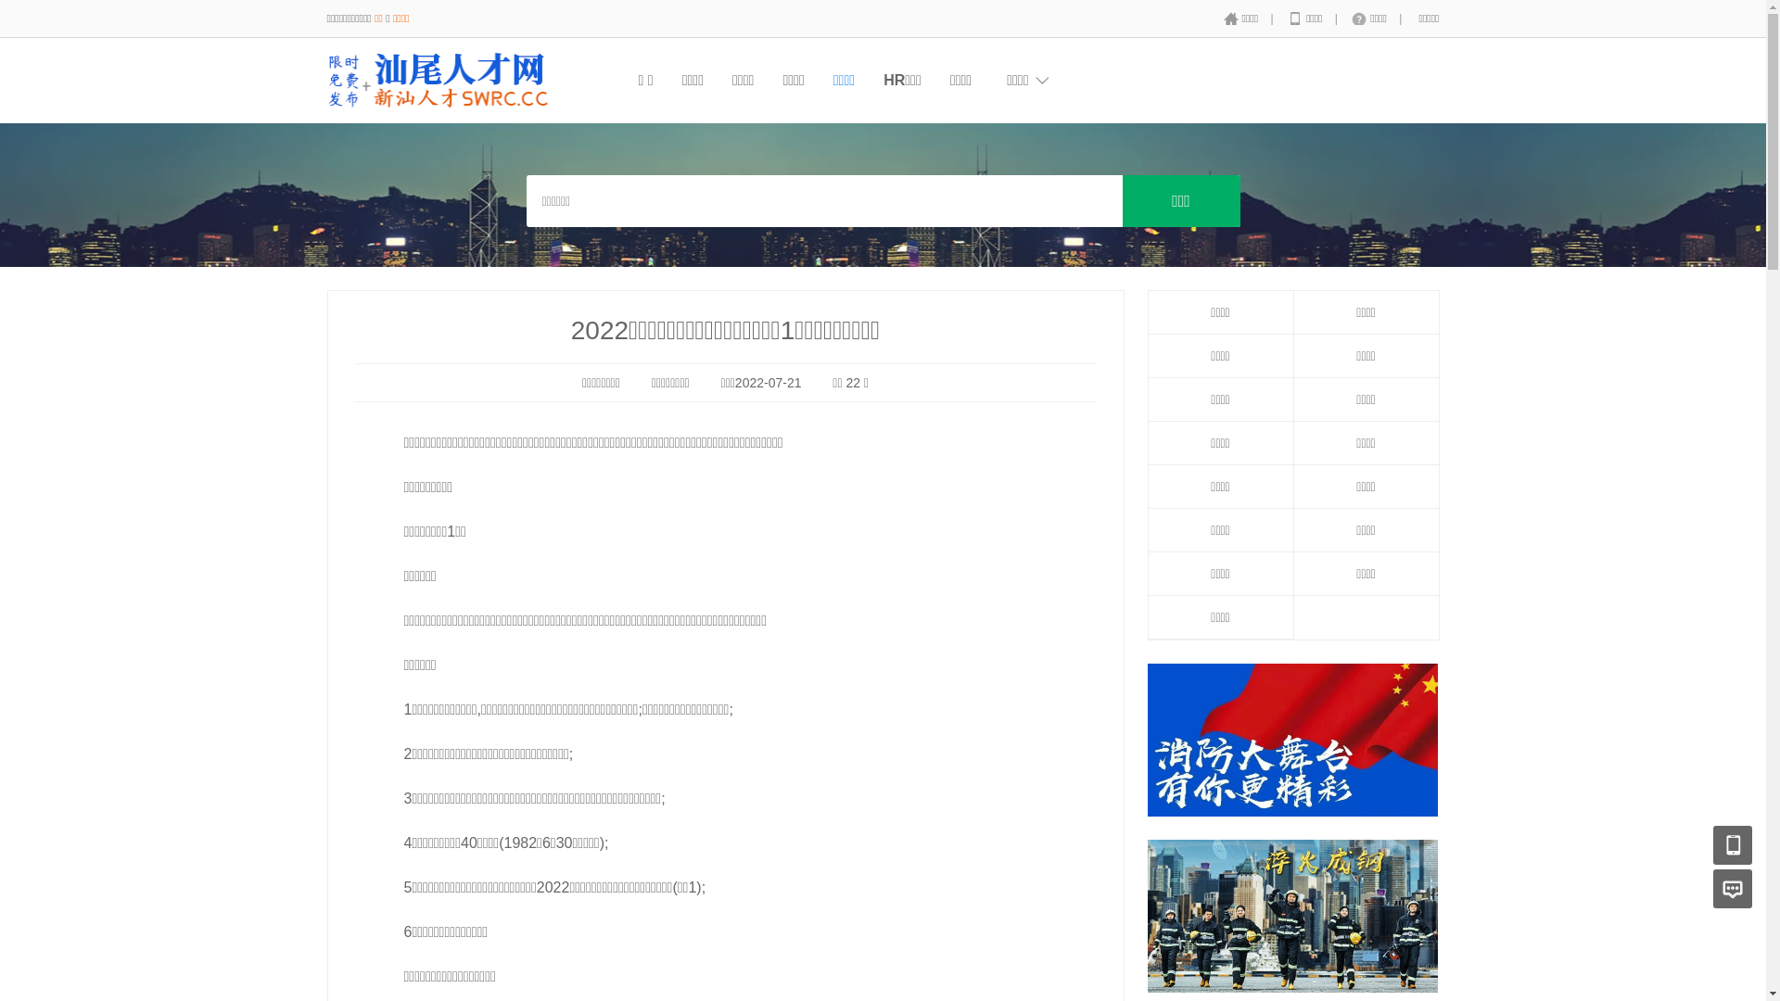 The height and width of the screenshot is (1001, 1780). What do you see at coordinates (845, 381) in the screenshot?
I see `'22'` at bounding box center [845, 381].